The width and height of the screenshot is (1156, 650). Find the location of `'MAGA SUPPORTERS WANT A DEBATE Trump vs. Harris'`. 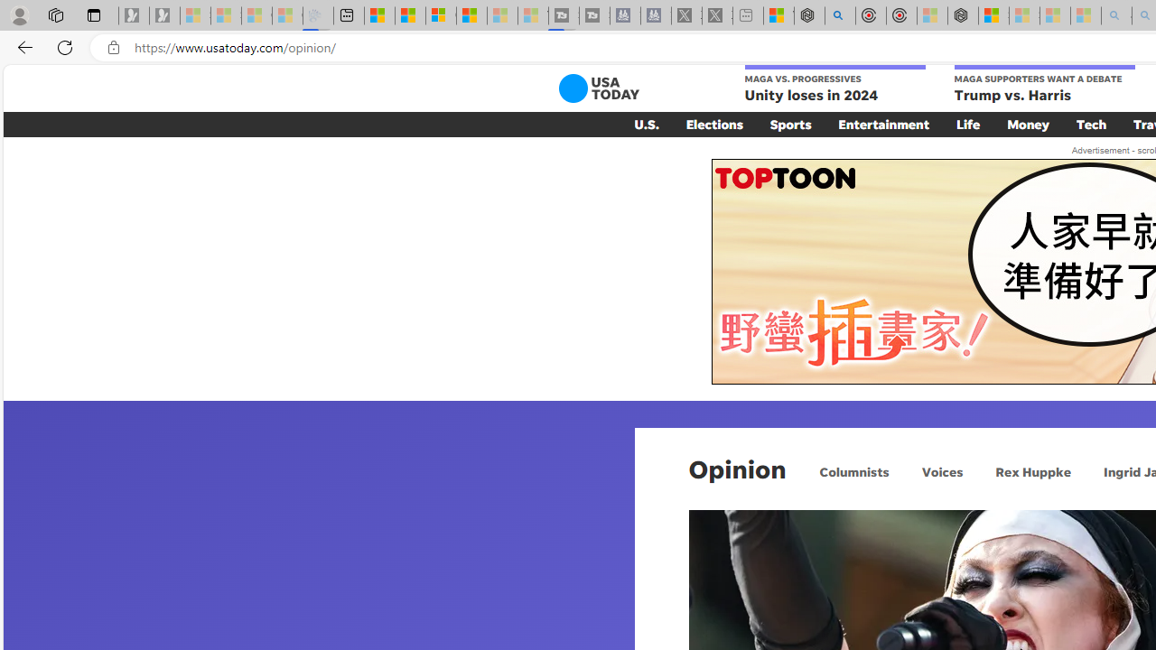

'MAGA SUPPORTERS WANT A DEBATE Trump vs. Harris' is located at coordinates (1044, 85).